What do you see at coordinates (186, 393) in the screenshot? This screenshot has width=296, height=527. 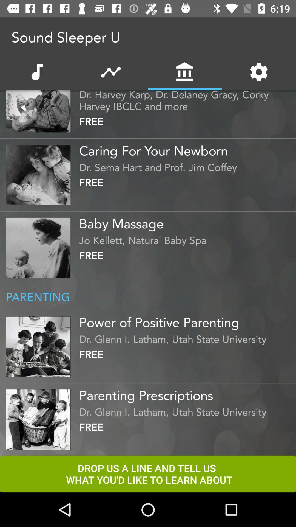 I see `the parenting prescriptions icon` at bounding box center [186, 393].